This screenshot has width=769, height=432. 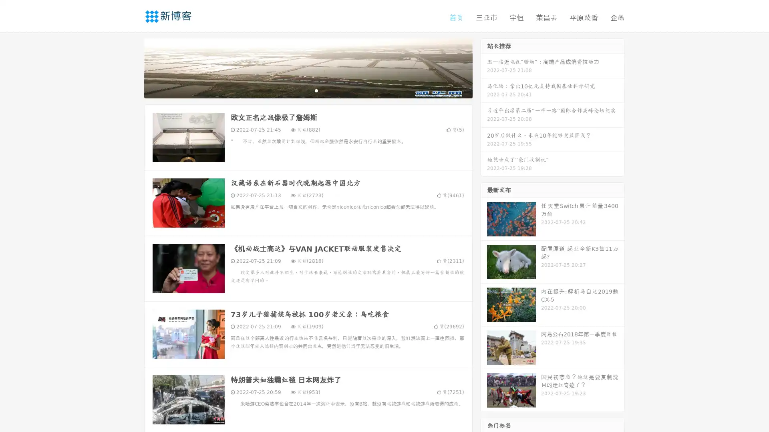 What do you see at coordinates (132, 67) in the screenshot?
I see `Previous slide` at bounding box center [132, 67].